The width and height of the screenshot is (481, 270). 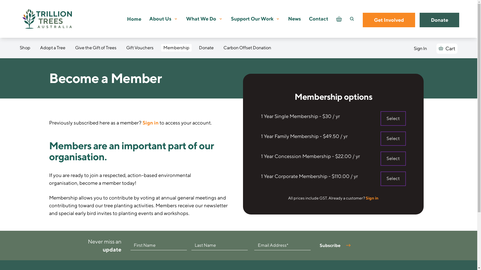 What do you see at coordinates (25, 48) in the screenshot?
I see `'Shop'` at bounding box center [25, 48].